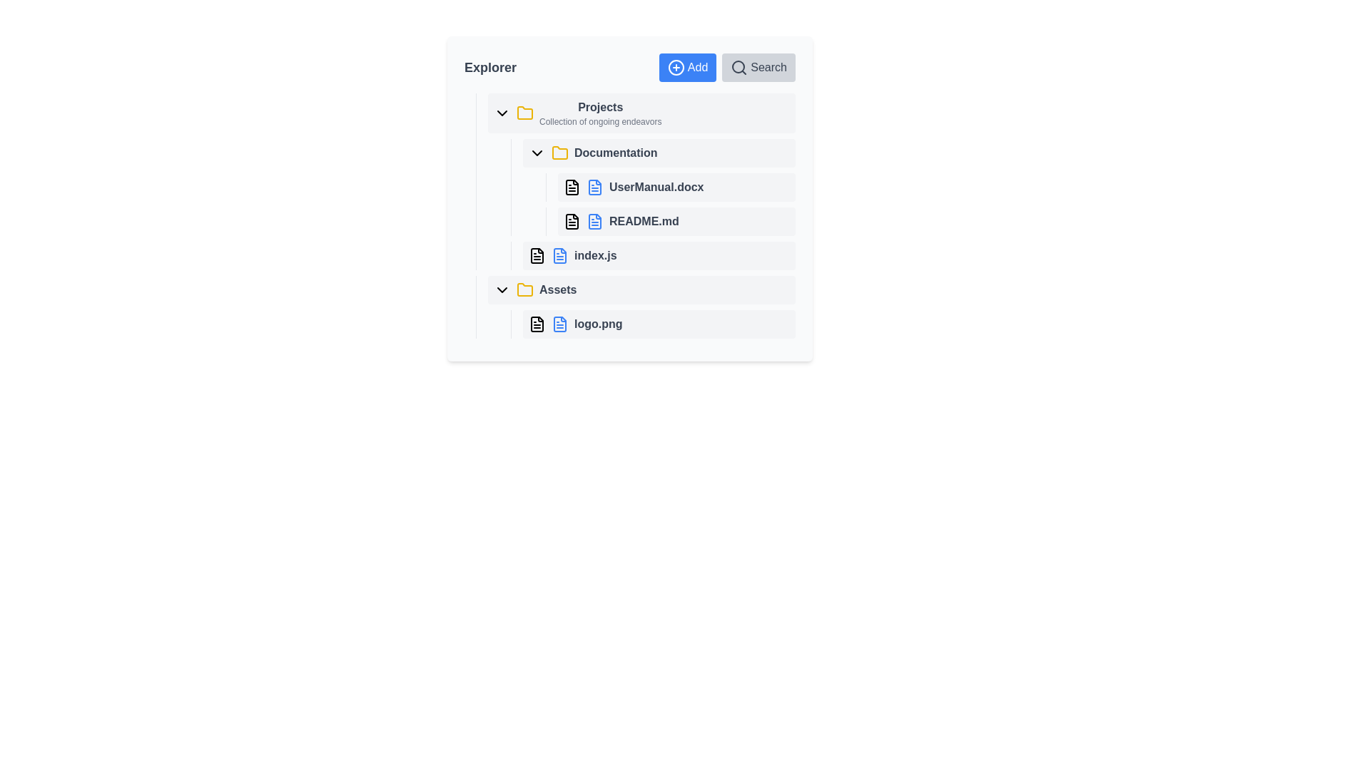 The width and height of the screenshot is (1370, 770). Describe the element at coordinates (598, 324) in the screenshot. I see `the text label that identifies the file named 'logo.png' within the 'Assets' folder in the file explorer interface` at that location.